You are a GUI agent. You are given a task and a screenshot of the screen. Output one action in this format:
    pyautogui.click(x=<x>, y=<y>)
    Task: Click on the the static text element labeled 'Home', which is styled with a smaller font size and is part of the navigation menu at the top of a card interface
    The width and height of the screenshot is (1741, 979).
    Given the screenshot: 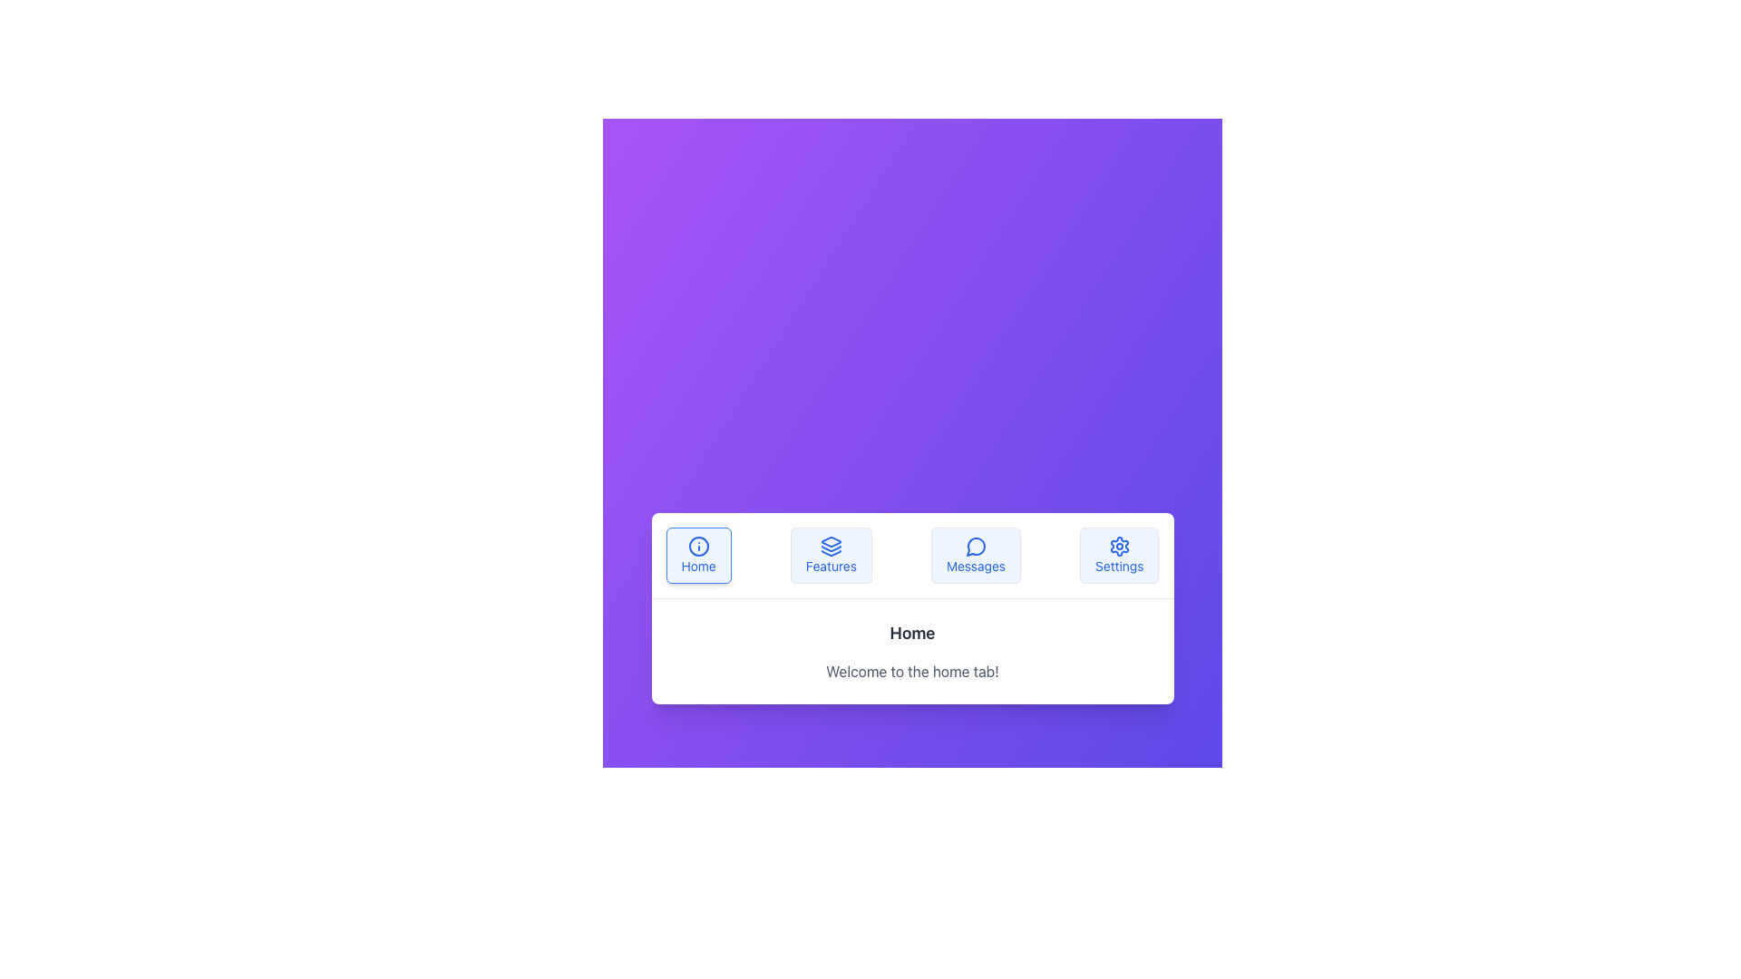 What is the action you would take?
    pyautogui.click(x=697, y=565)
    